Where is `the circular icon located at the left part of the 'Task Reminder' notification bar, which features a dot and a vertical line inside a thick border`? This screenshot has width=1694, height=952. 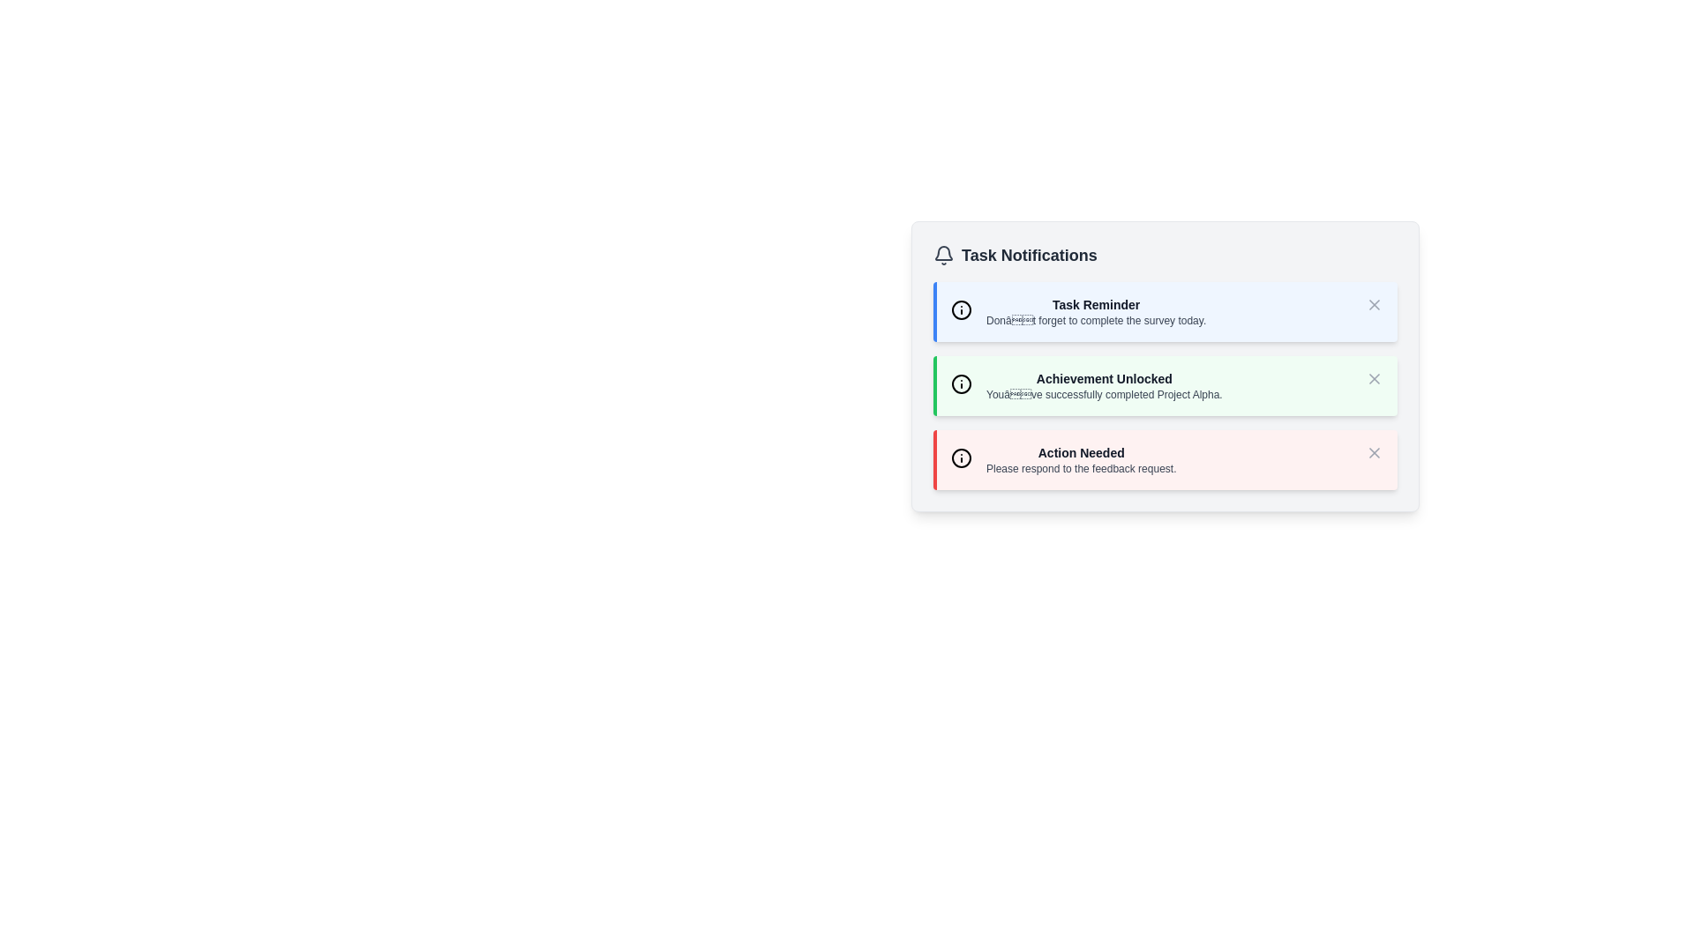 the circular icon located at the left part of the 'Task Reminder' notification bar, which features a dot and a vertical line inside a thick border is located at coordinates (960, 309).